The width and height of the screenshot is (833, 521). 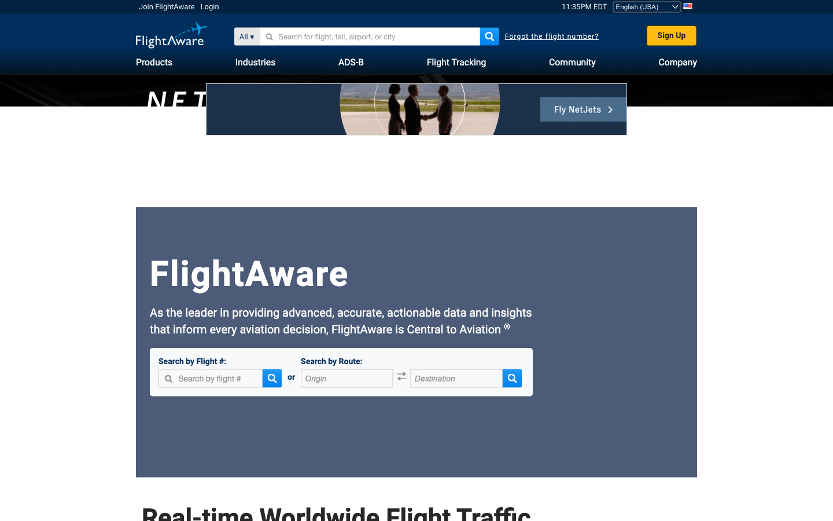 I want to click on Search for Private Flight (tail number: 1234), so click(x=274, y=36).